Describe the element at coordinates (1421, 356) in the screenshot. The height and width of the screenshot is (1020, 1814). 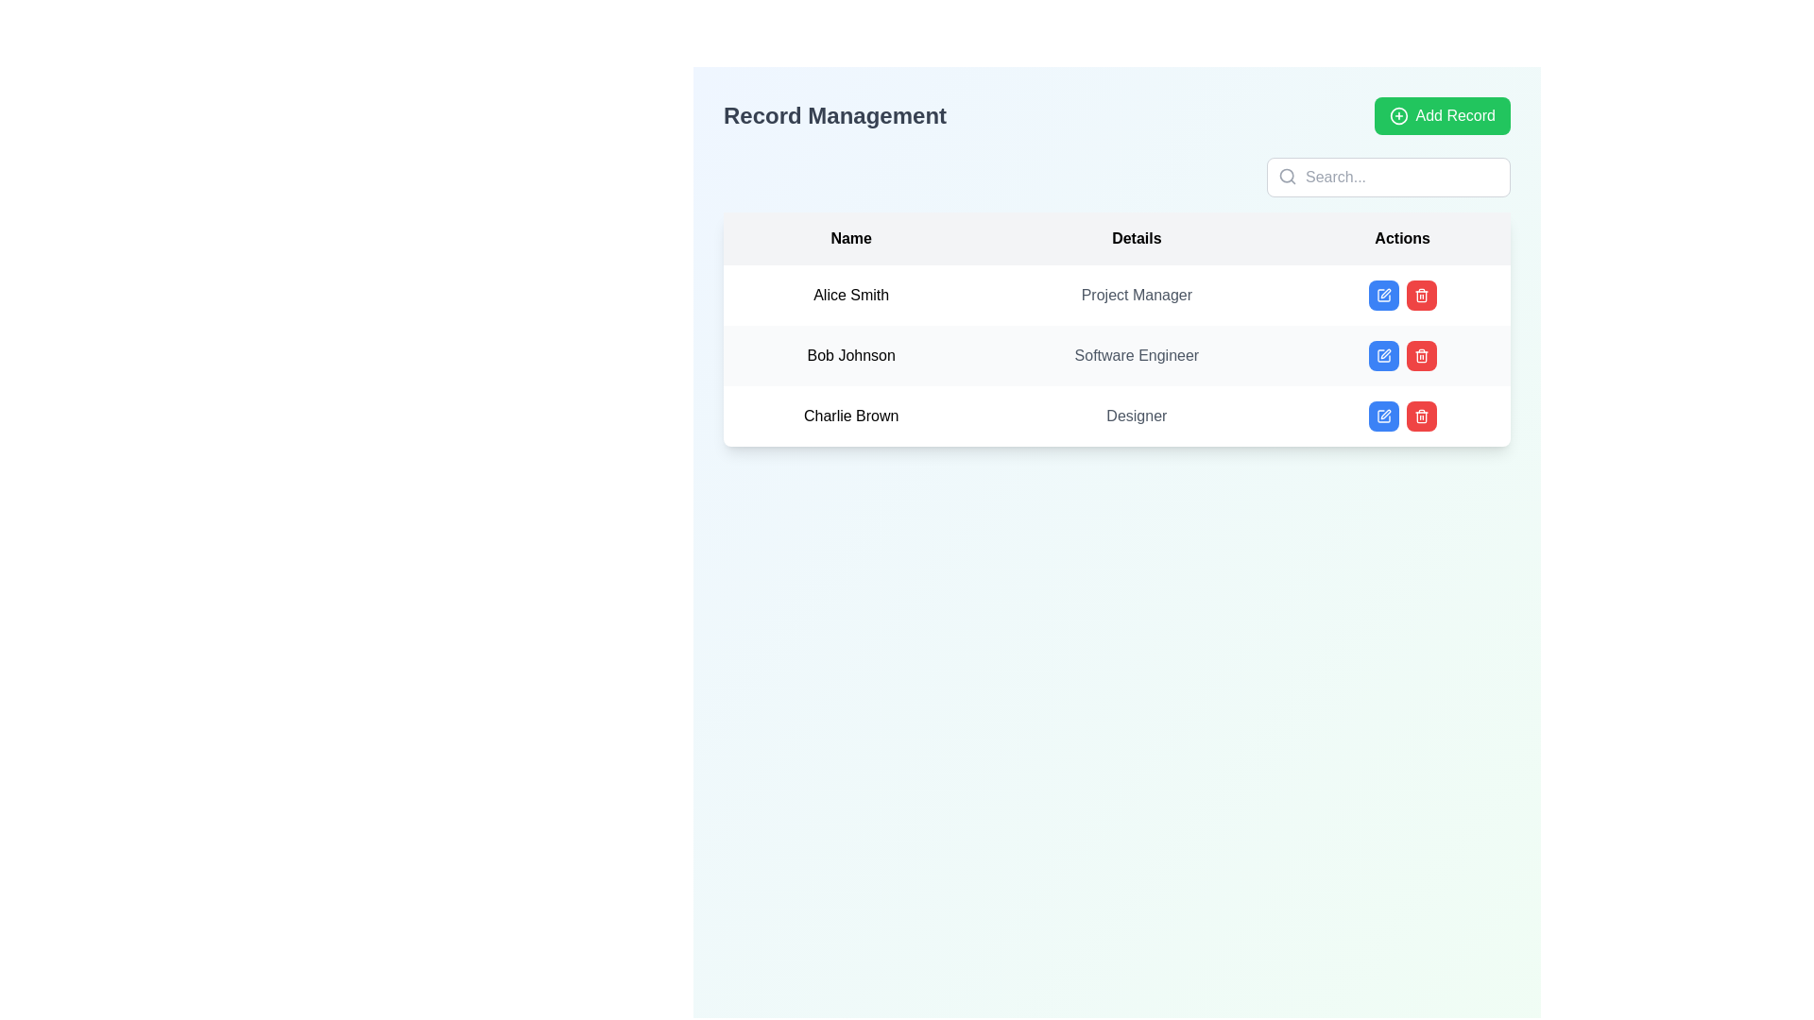
I see `the trash can icon button with a red background located in the 'Actions' column of the second row in the table` at that location.